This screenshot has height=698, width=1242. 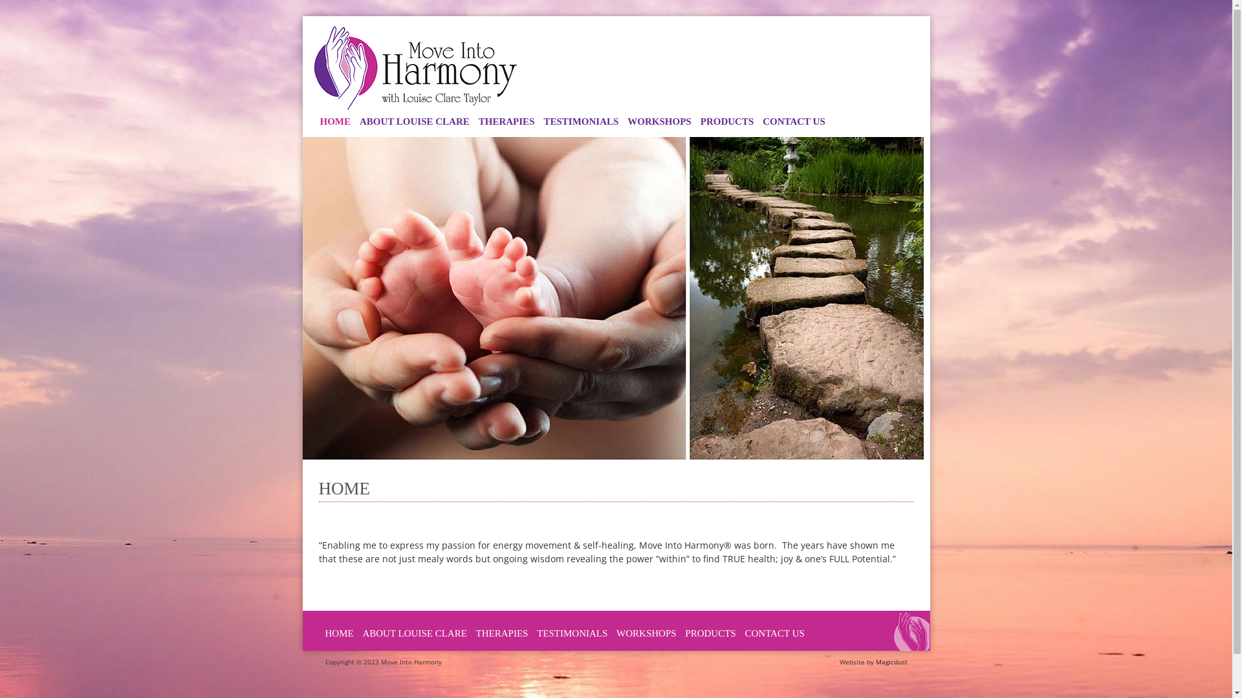 I want to click on 'PRODUCTS', so click(x=727, y=122).